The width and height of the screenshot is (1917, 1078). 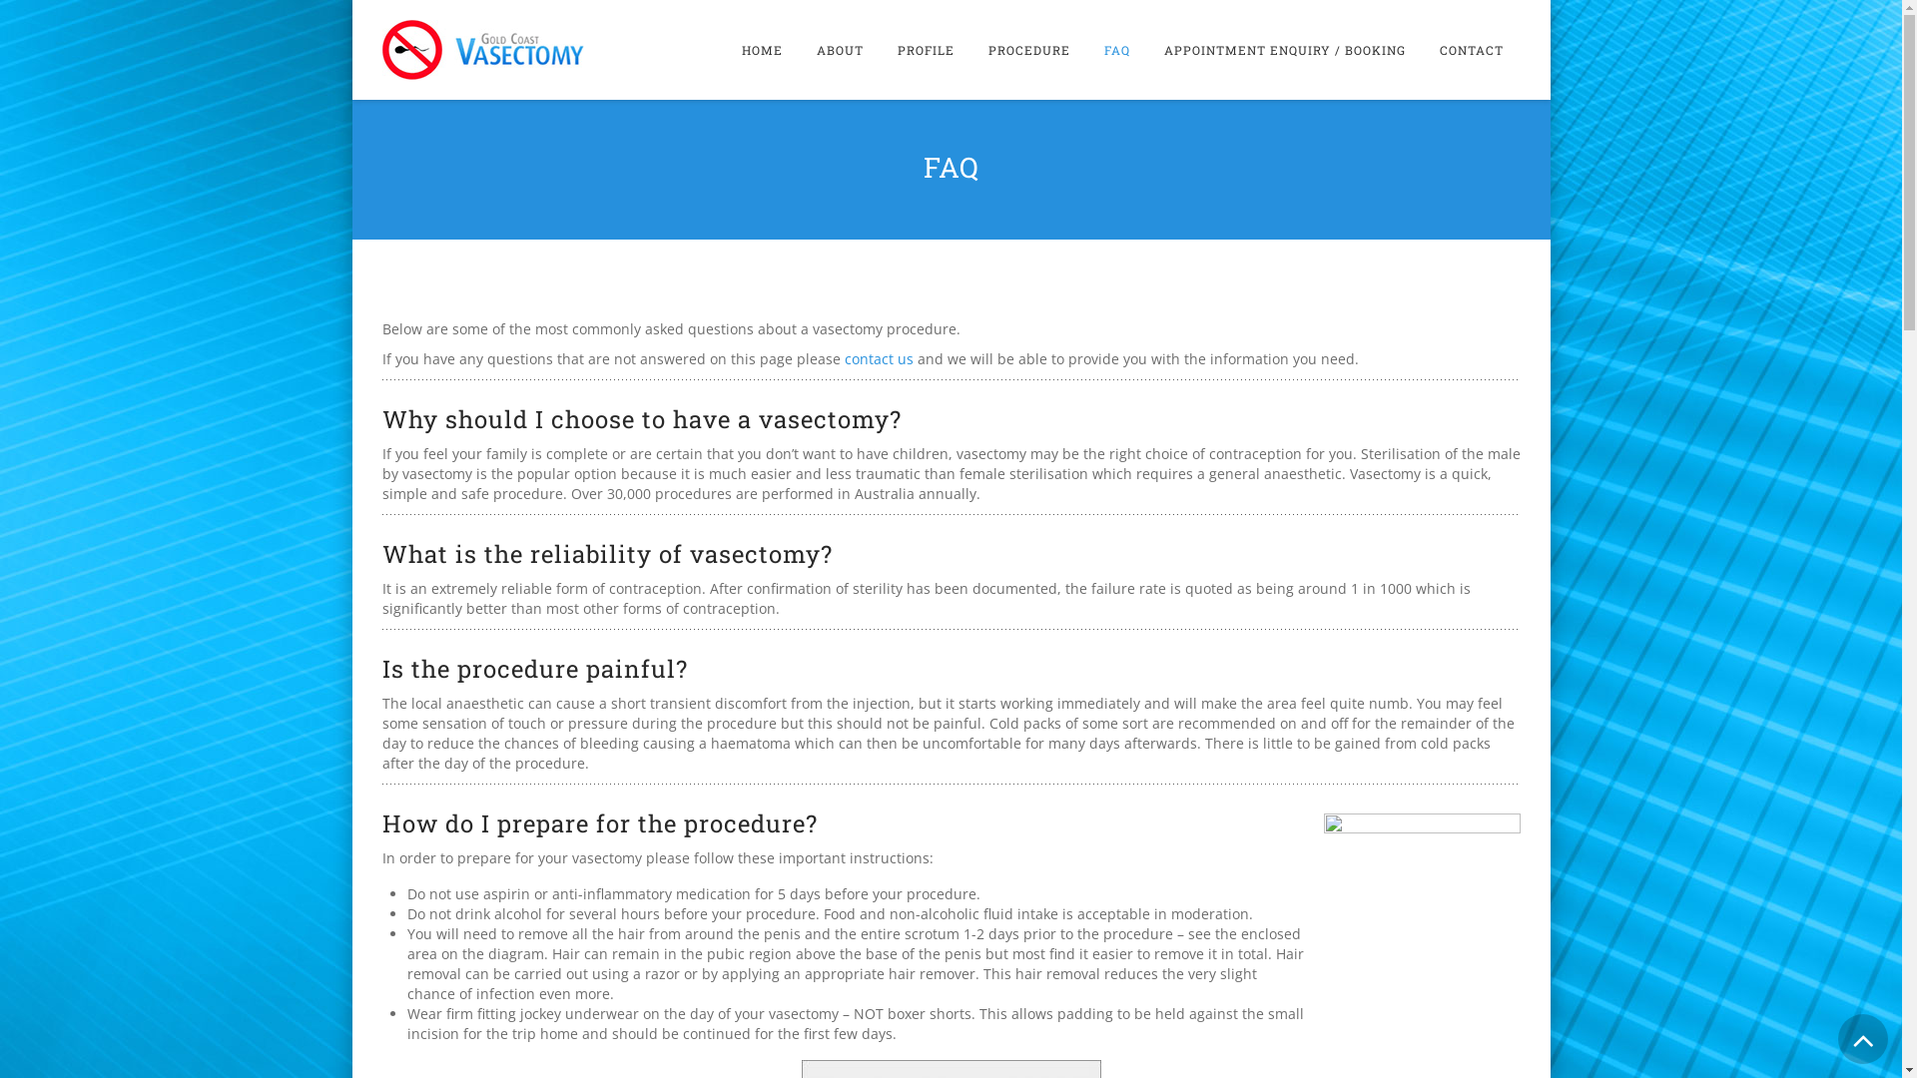 I want to click on 'CONTACT', so click(x=1471, y=49).